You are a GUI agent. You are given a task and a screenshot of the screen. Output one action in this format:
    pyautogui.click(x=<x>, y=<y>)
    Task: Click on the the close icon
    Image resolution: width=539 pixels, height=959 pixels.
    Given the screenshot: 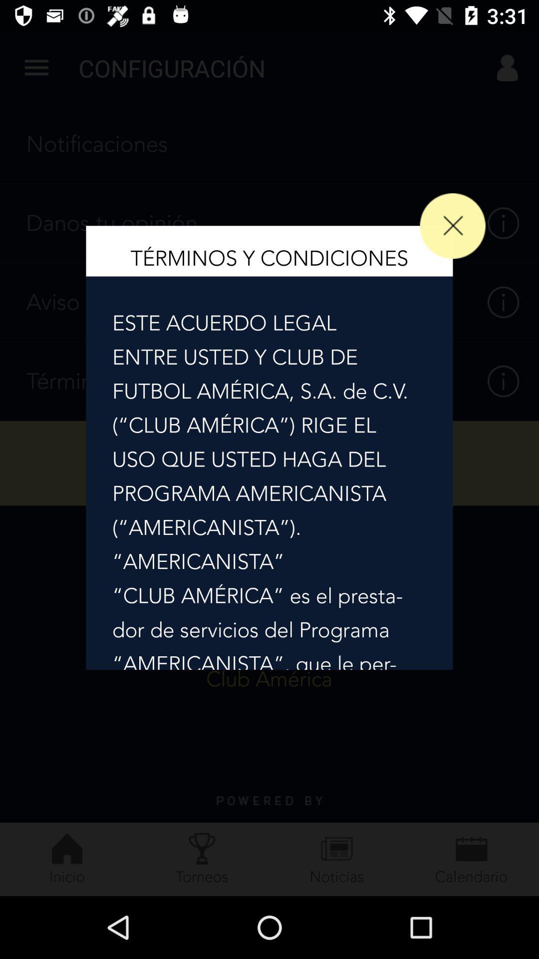 What is the action you would take?
    pyautogui.click(x=453, y=225)
    